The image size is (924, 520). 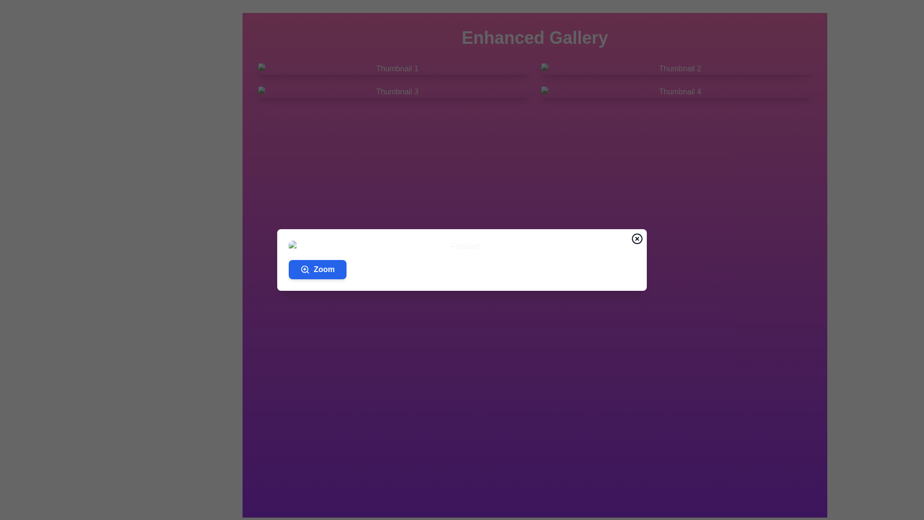 What do you see at coordinates (637, 238) in the screenshot?
I see `the outer circular outline of the graphical icon located at the top-right corner within a white dialog box` at bounding box center [637, 238].